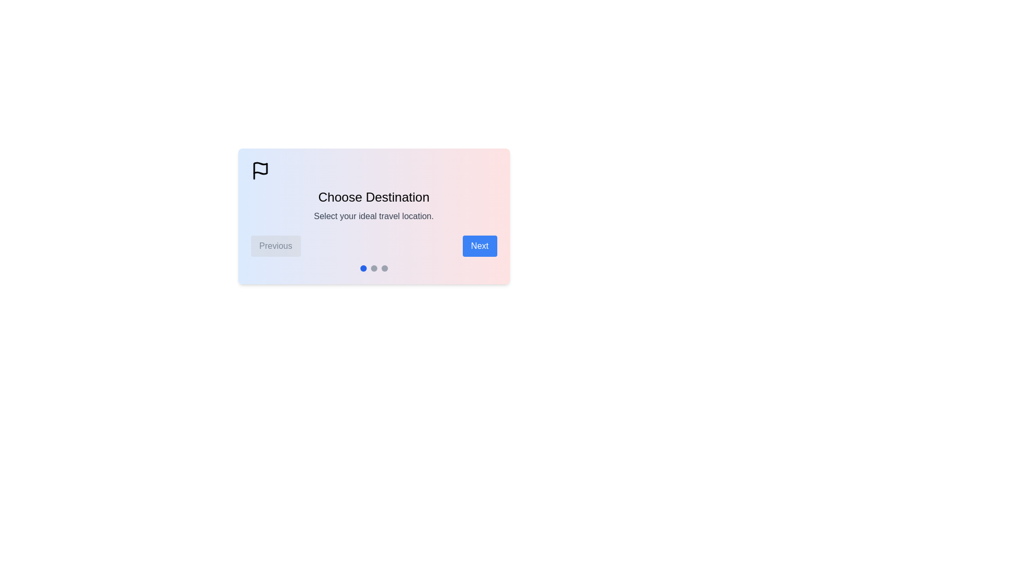 The height and width of the screenshot is (573, 1019). What do you see at coordinates (479, 246) in the screenshot?
I see `'Next' button to navigate to the next step` at bounding box center [479, 246].